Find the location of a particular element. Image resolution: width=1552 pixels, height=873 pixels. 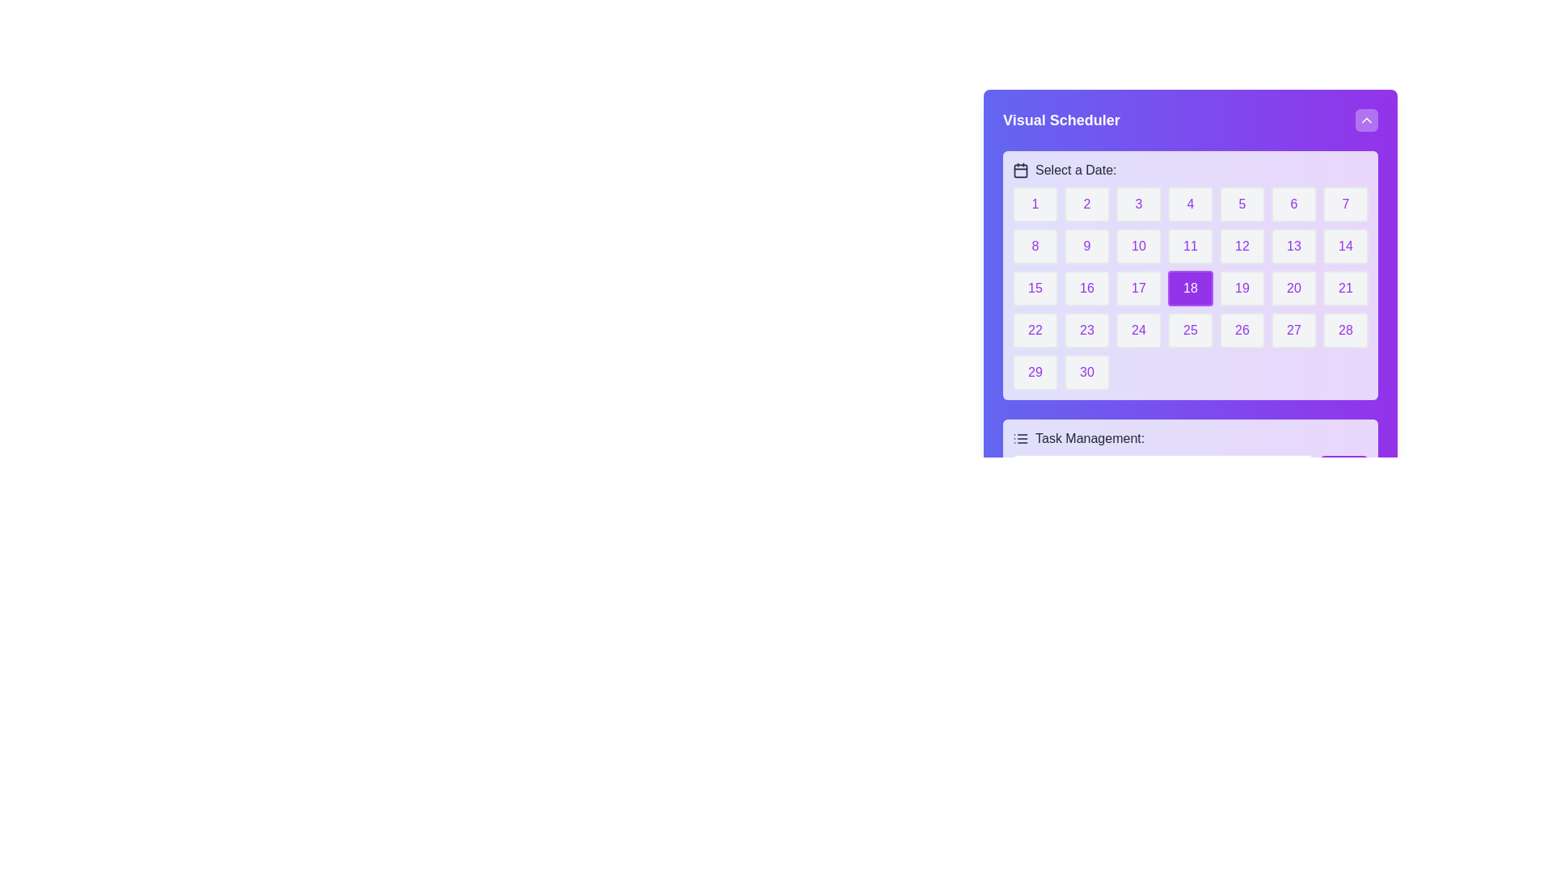

the 'Add' button in the task management input section located beneath the grid of calendar dates labeled 'Select a Date:' is located at coordinates (1191, 465).